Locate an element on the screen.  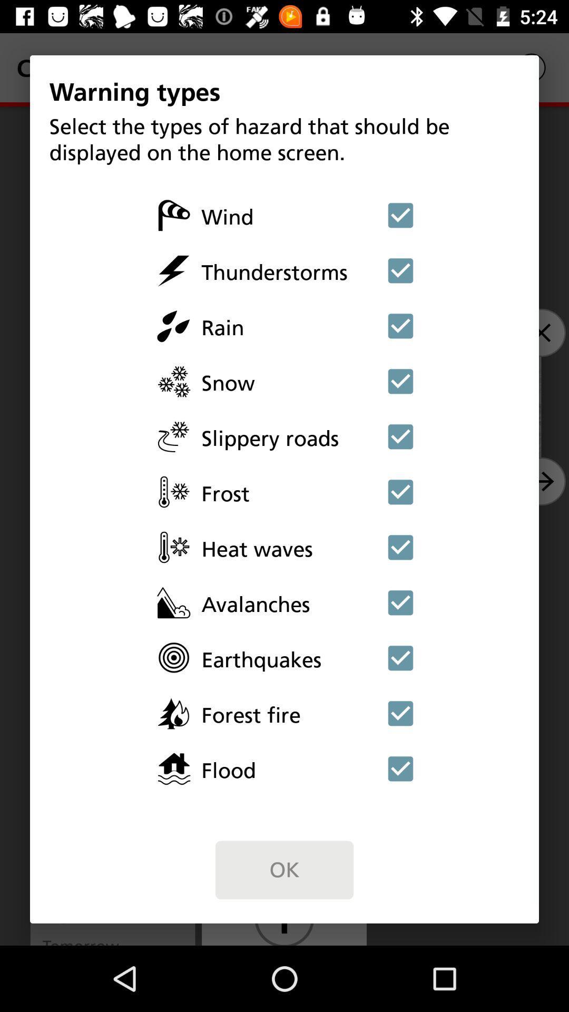
warning type is located at coordinates (400, 491).